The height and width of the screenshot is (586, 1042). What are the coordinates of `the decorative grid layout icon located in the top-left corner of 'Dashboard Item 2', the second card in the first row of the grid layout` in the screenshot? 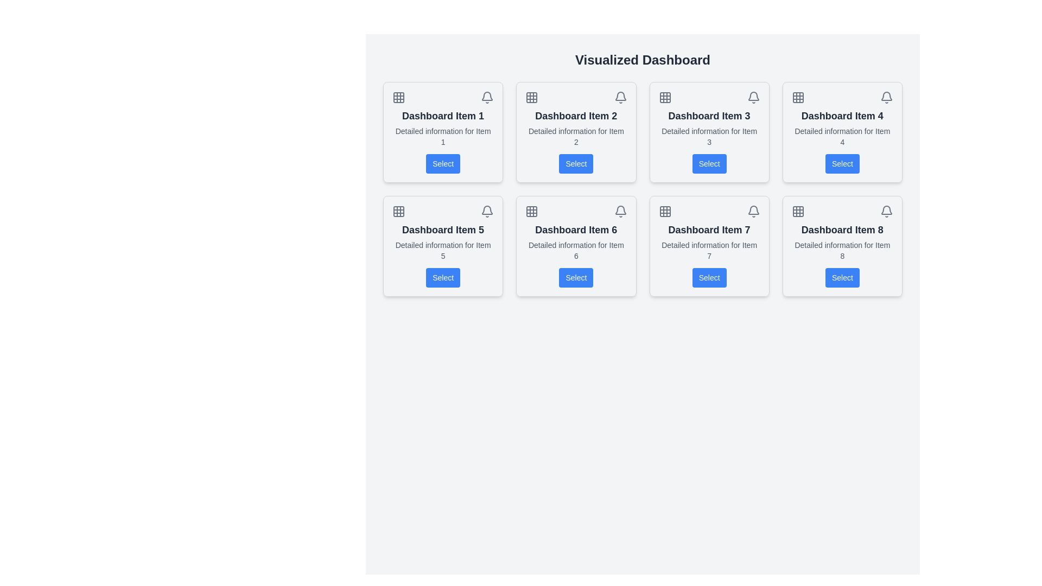 It's located at (532, 98).